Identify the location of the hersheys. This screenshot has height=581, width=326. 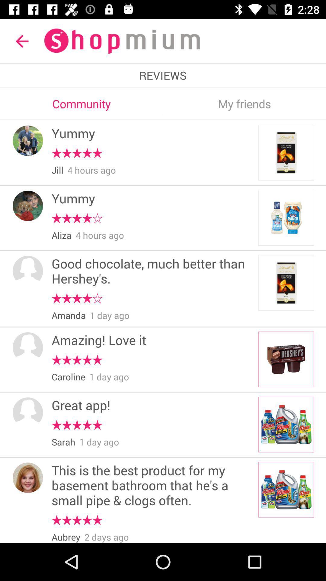
(286, 359).